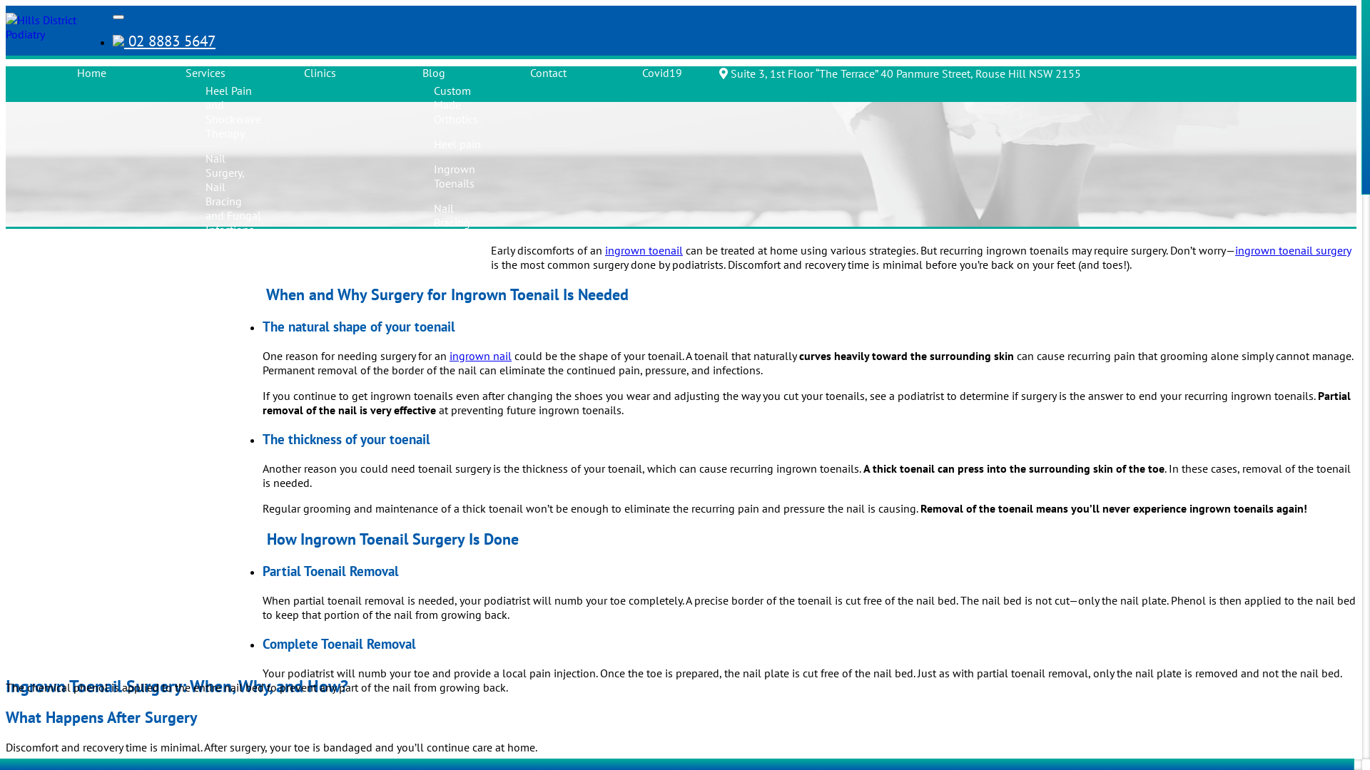 This screenshot has height=770, width=1370. I want to click on 'ingrown toenail', so click(643, 250).